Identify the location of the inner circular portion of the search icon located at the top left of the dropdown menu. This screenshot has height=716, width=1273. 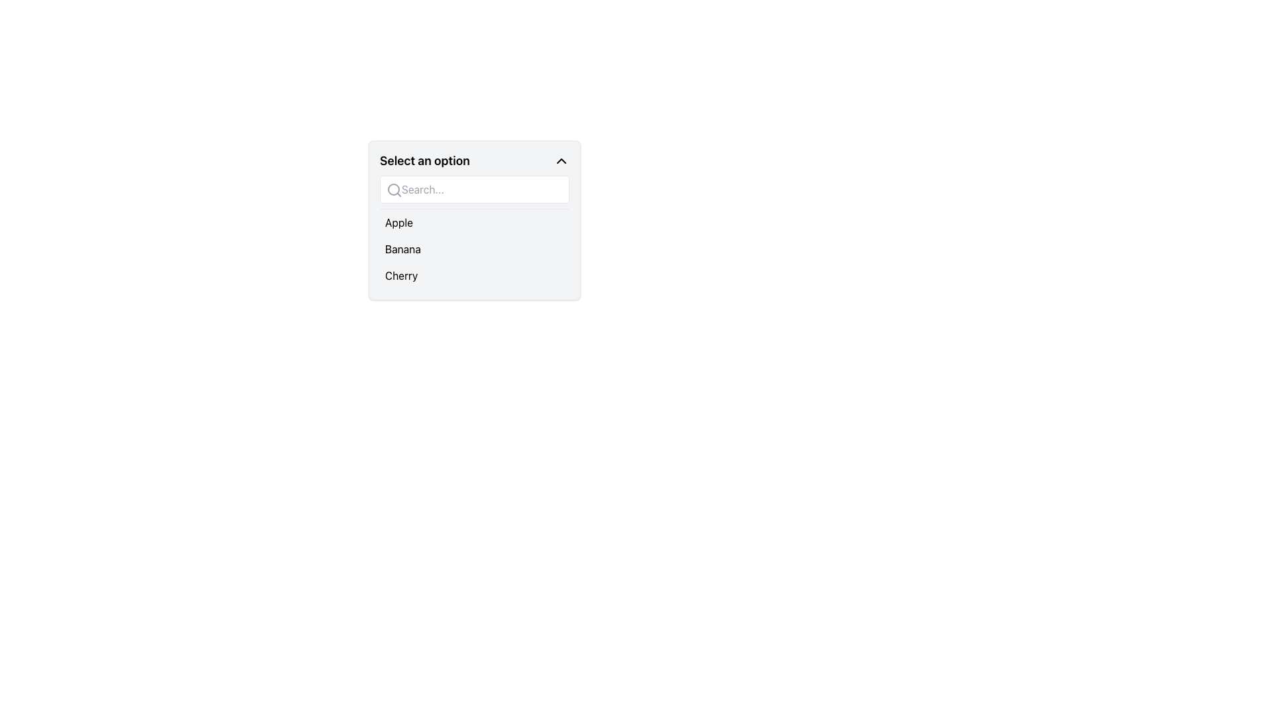
(393, 189).